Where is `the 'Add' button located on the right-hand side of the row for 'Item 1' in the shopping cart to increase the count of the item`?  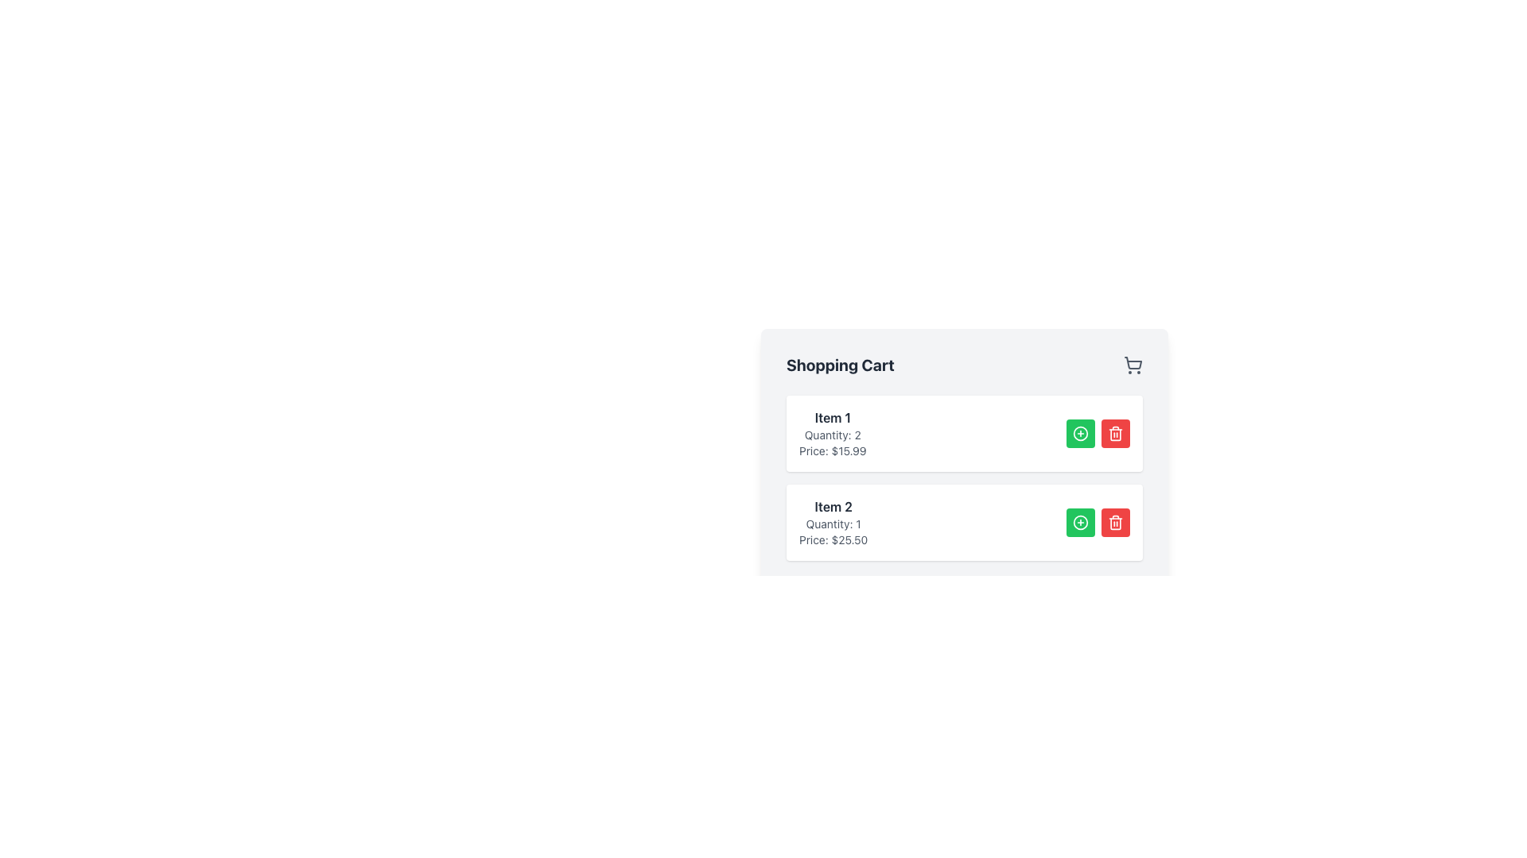
the 'Add' button located on the right-hand side of the row for 'Item 1' in the shopping cart to increase the count of the item is located at coordinates (1080, 434).